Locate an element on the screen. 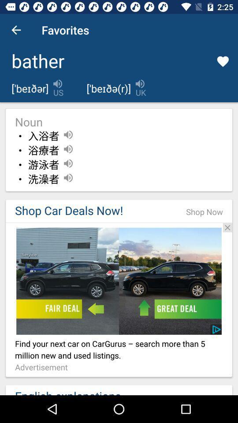  item below the noun icon is located at coordinates (43, 136).